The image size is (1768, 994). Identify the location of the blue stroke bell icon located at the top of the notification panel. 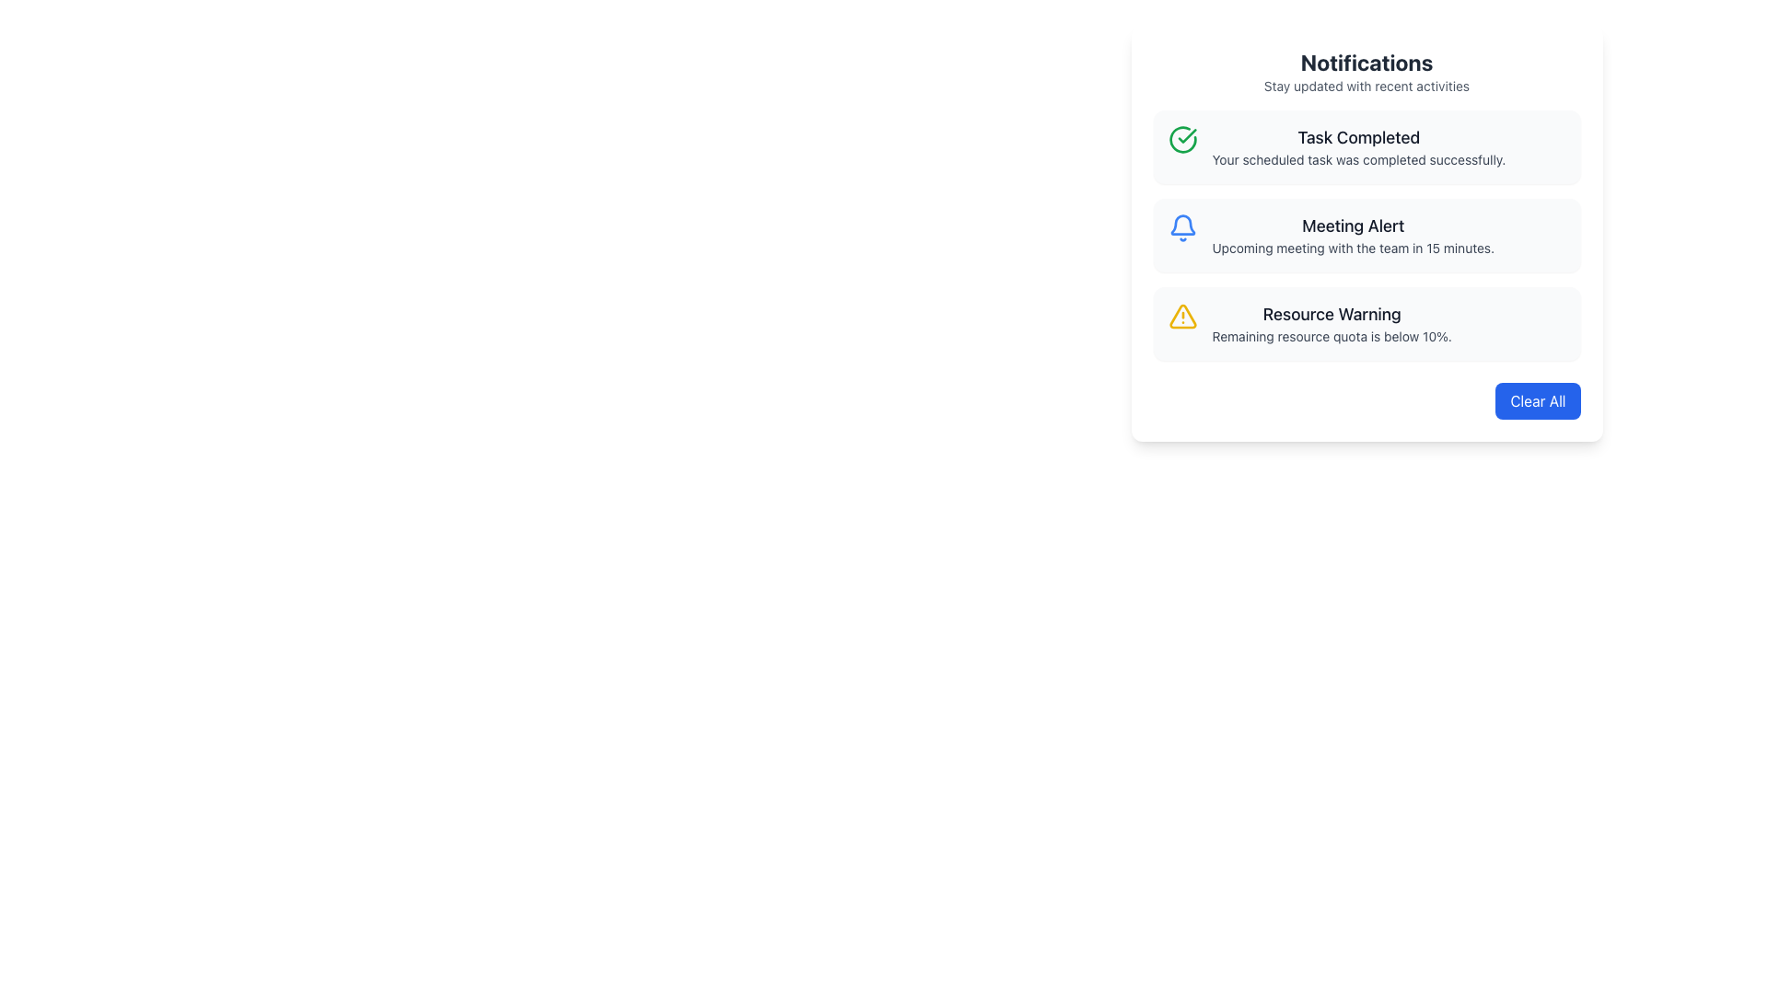
(1181, 223).